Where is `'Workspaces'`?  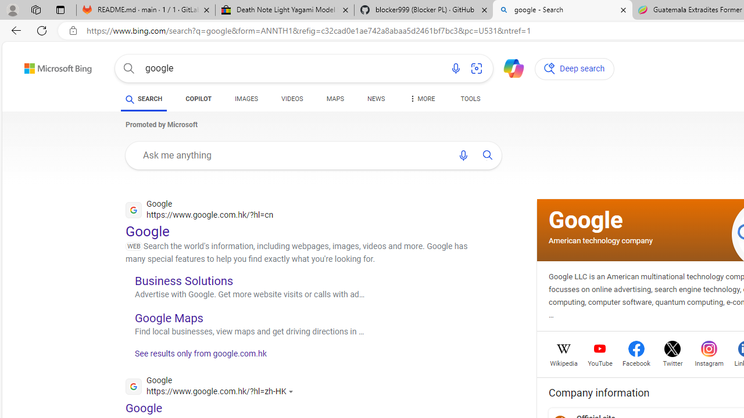
'Workspaces' is located at coordinates (35, 9).